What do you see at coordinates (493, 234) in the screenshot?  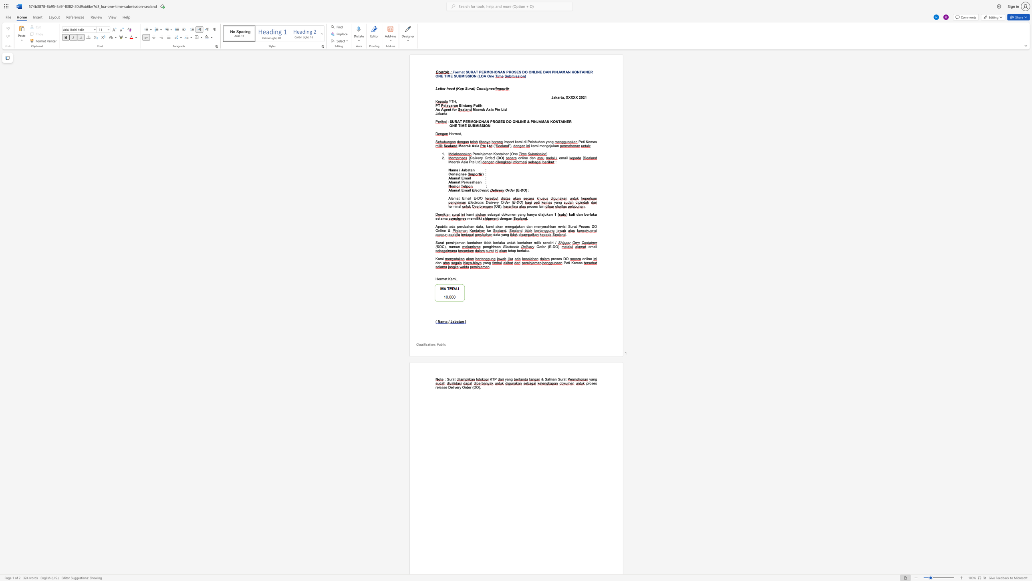 I see `the subset text "data y" within the text "data yang"` at bounding box center [493, 234].